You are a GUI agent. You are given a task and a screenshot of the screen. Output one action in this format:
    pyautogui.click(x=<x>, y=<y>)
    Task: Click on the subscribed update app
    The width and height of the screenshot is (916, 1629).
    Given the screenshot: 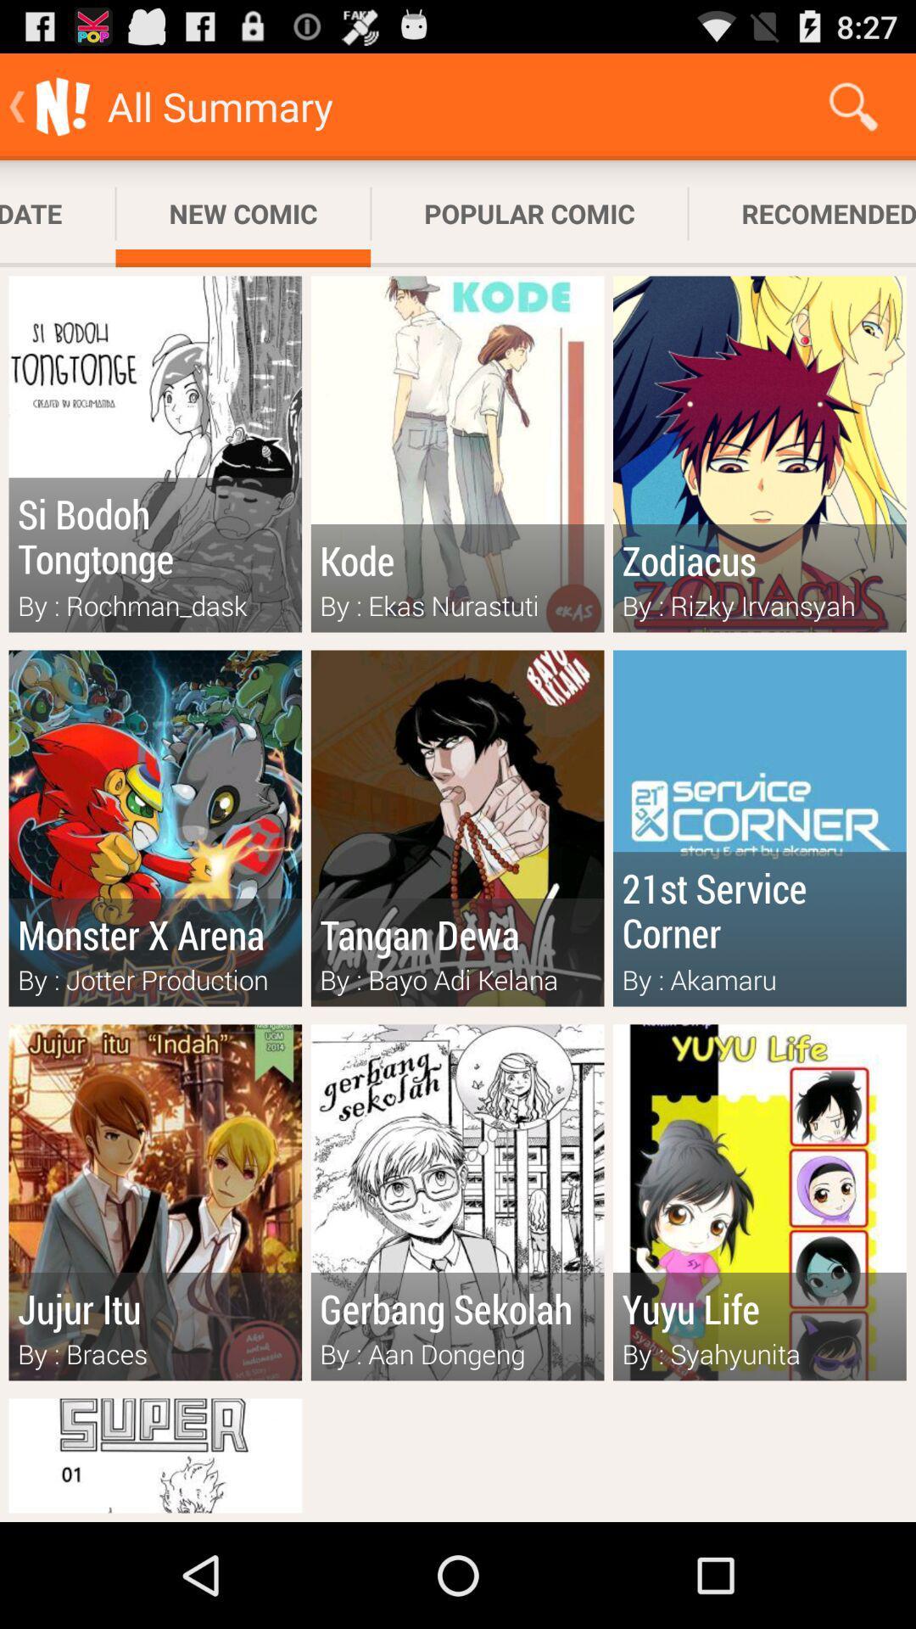 What is the action you would take?
    pyautogui.click(x=57, y=213)
    